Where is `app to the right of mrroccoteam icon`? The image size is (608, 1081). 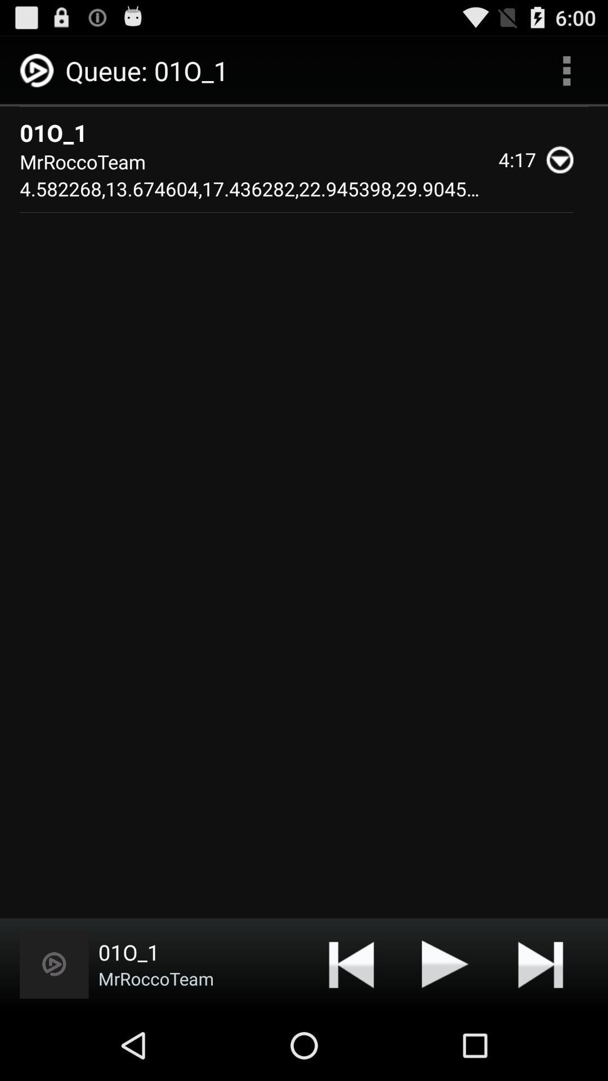 app to the right of mrroccoteam icon is located at coordinates (351, 963).